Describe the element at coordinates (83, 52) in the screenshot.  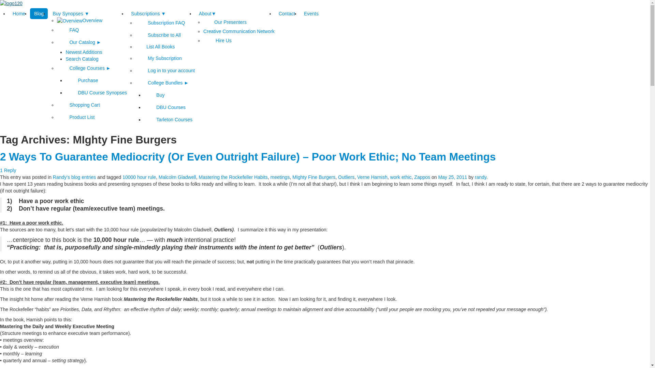
I see `'Newest Additions'` at that location.